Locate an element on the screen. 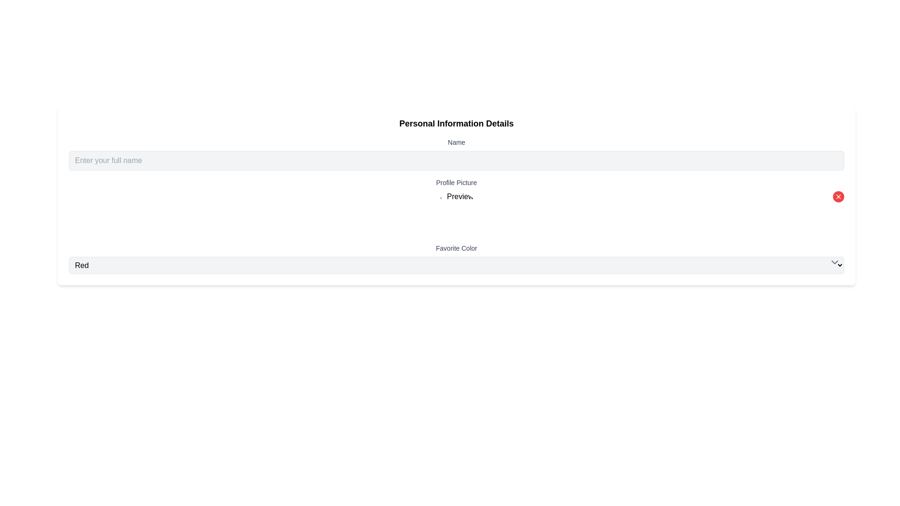 This screenshot has height=506, width=900. the chevron down SVG icon located at the far-right end of the 'Favorite Color' dropdown to trigger any potential hover effects is located at coordinates (834, 262).